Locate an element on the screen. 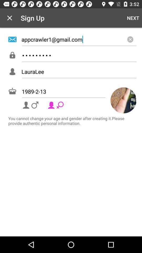 This screenshot has height=253, width=142. icon above you cannot change is located at coordinates (123, 100).